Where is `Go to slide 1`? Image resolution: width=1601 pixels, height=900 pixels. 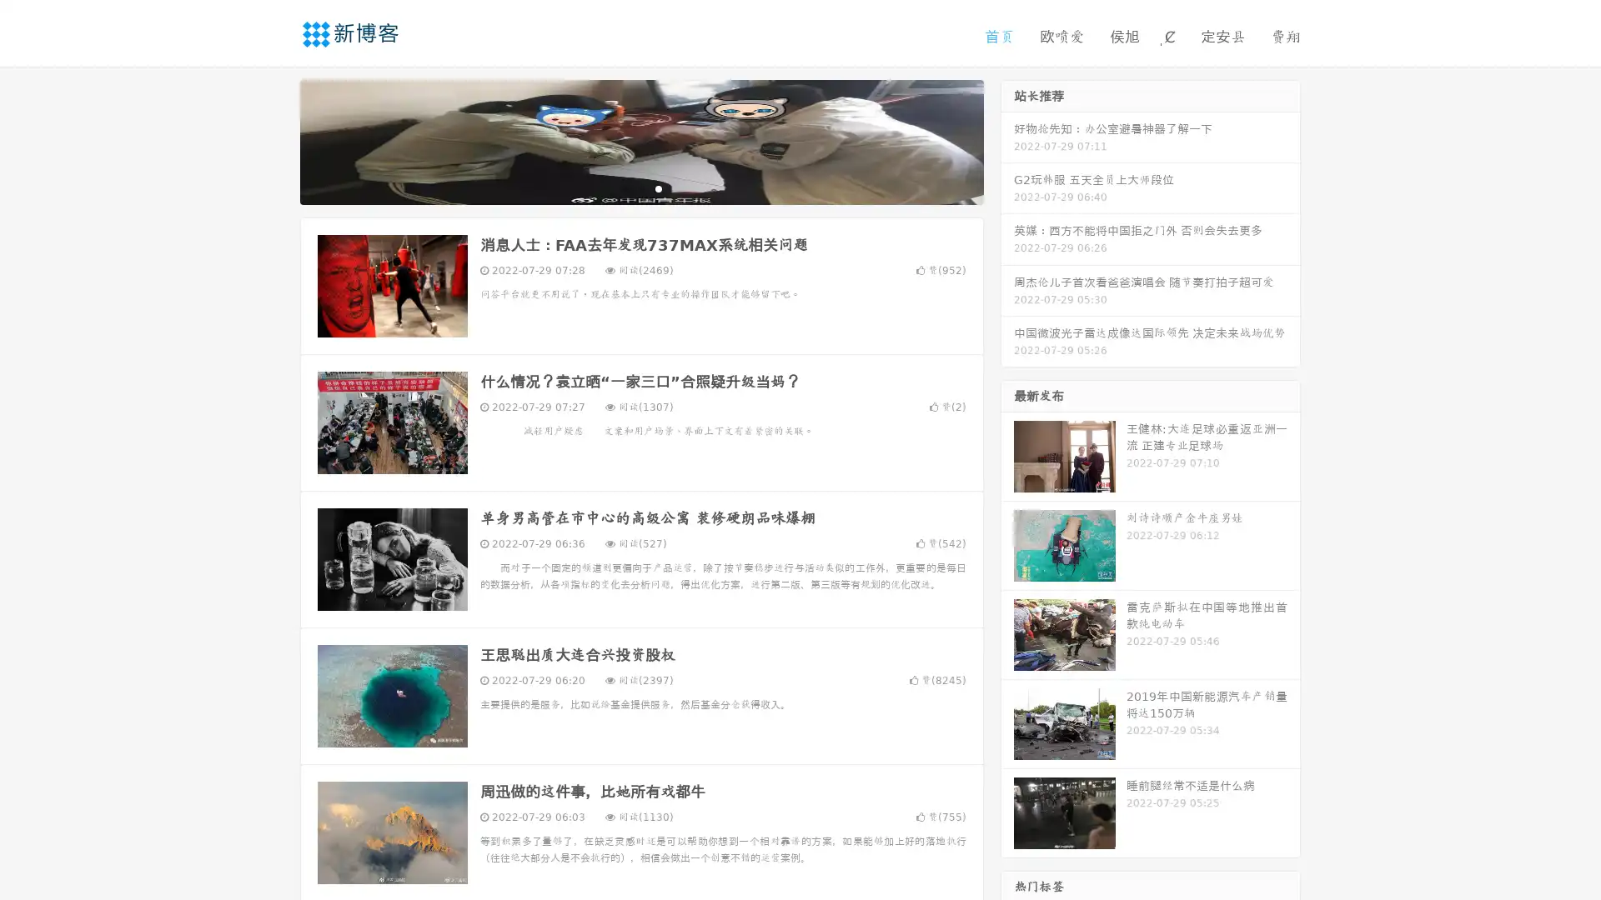
Go to slide 1 is located at coordinates (624, 187).